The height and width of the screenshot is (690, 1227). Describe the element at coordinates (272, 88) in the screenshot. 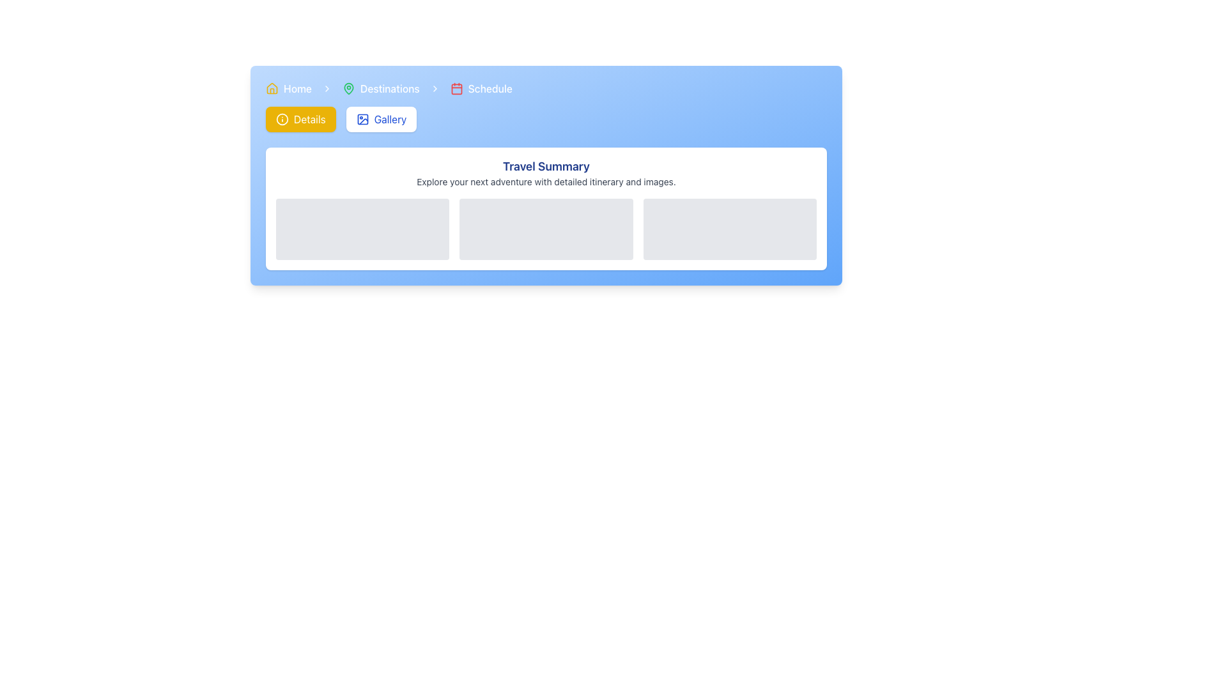

I see `the small house-shaped icon with a yellow stroke and white fill located on the left side of the navigation bar, adjacent to the text 'Home', to trigger a tooltip` at that location.